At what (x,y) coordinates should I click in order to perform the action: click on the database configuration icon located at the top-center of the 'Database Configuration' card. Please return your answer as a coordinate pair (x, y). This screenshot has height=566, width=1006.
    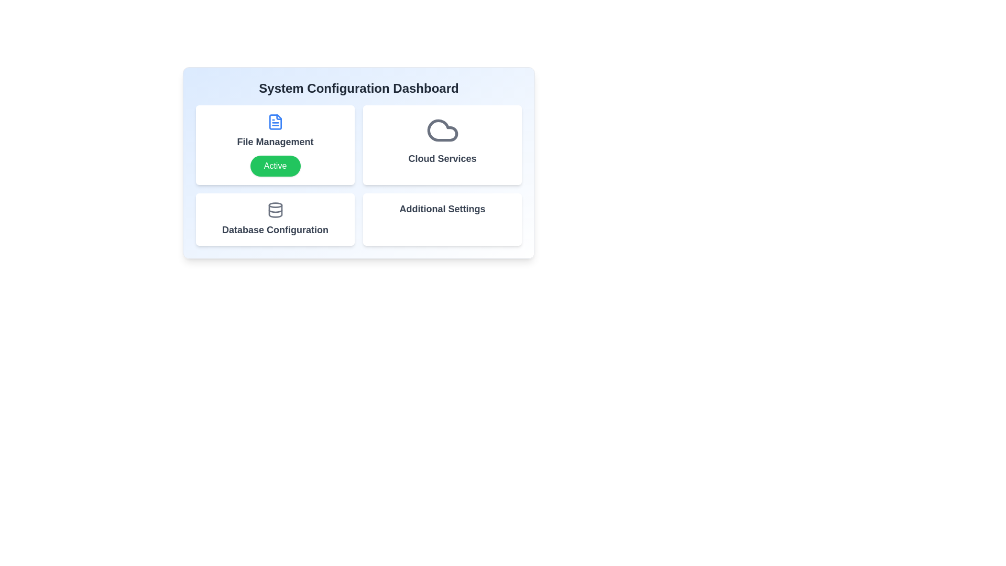
    Looking at the image, I should click on (275, 210).